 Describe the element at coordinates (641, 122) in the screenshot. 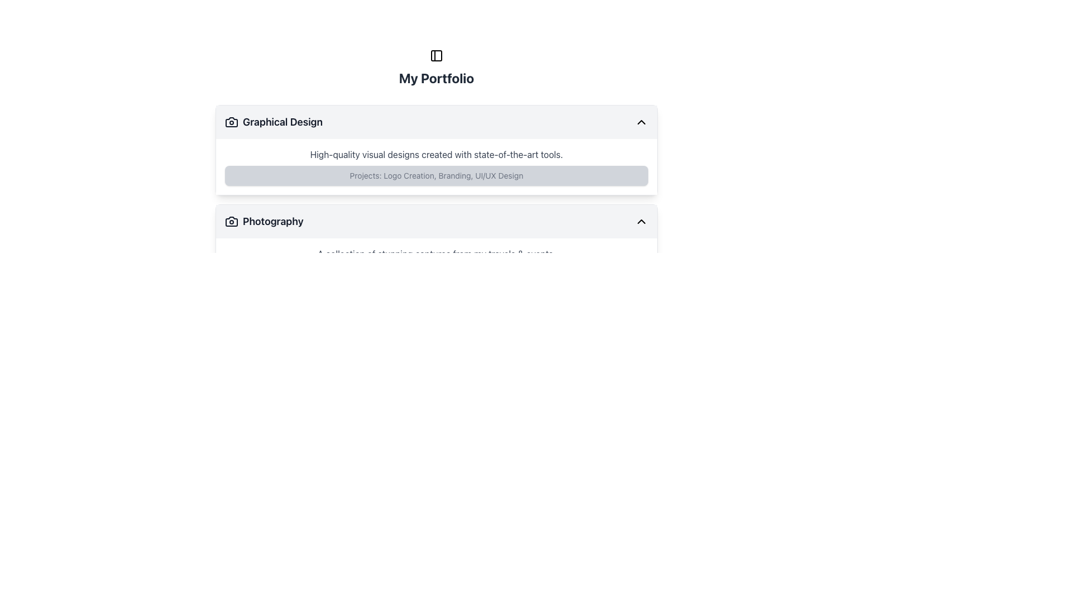

I see `the Icon Button that collapses the 'Graphical Design' section, located on the far right within the top border of the section heading` at that location.